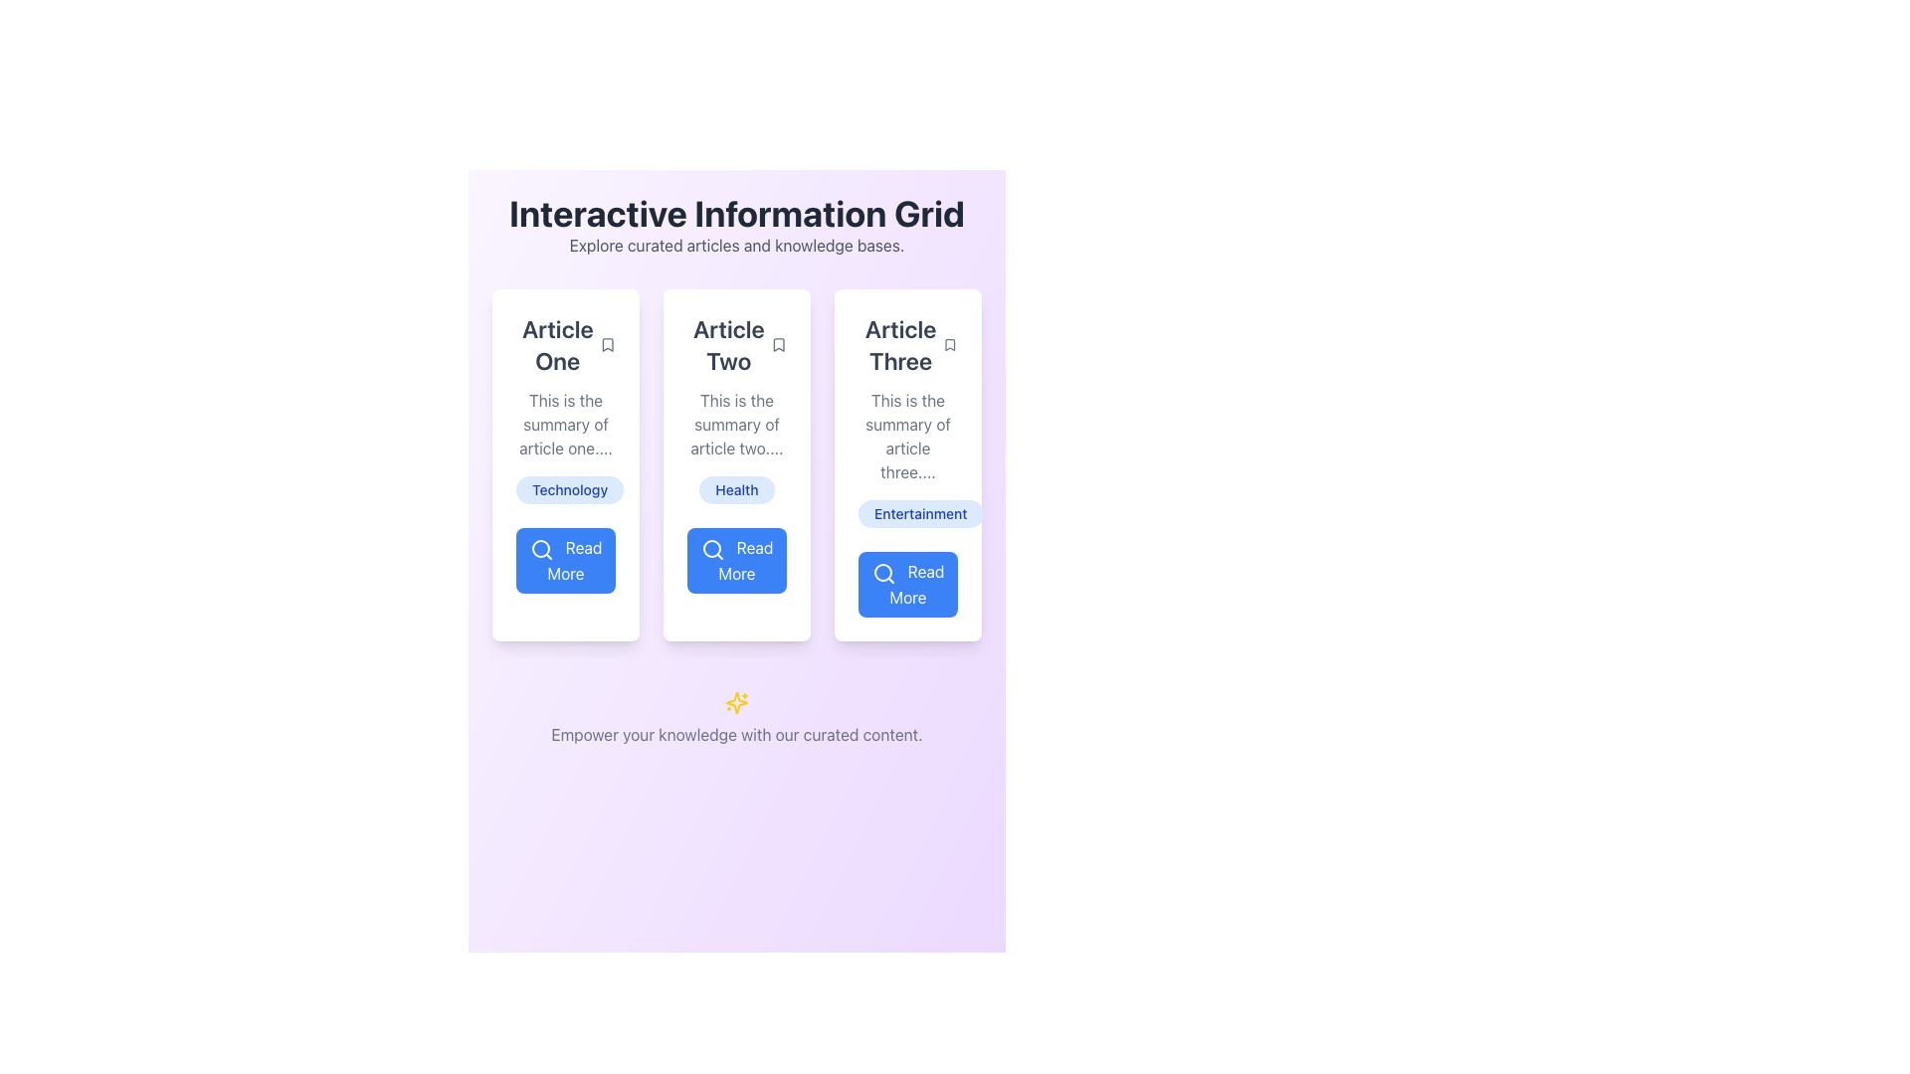  Describe the element at coordinates (735, 717) in the screenshot. I see `motivational or informative footer message displayed as a Decorative text element with an icon, which is located below the article sections labeled 'Article One,' 'Article Two,' and 'Article Three.'` at that location.